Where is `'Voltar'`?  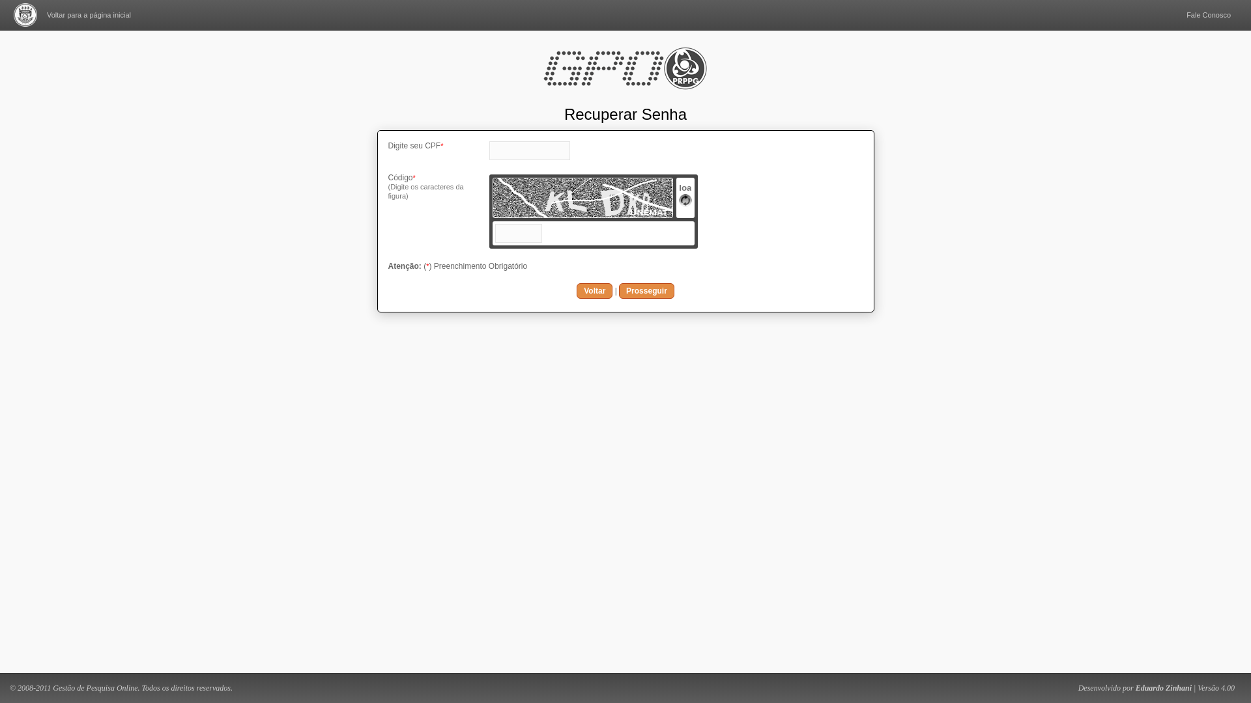 'Voltar' is located at coordinates (594, 290).